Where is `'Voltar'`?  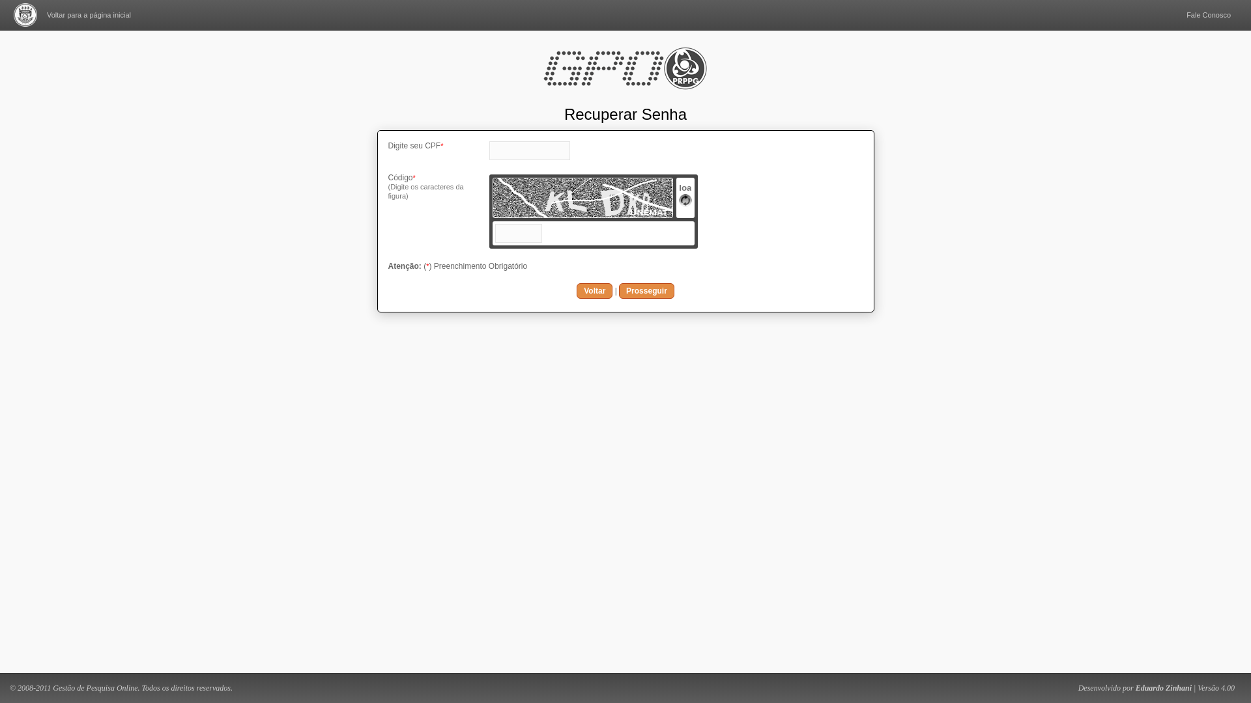 'Voltar' is located at coordinates (594, 290).